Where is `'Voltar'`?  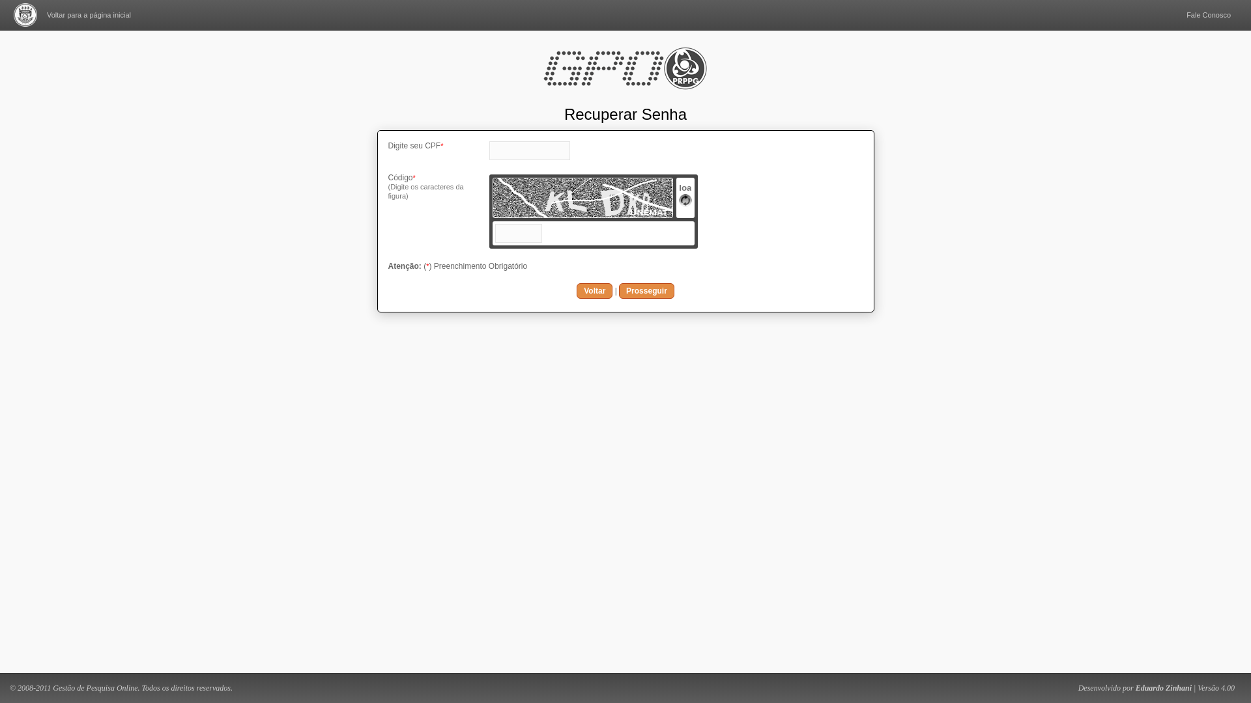 'Voltar' is located at coordinates (594, 290).